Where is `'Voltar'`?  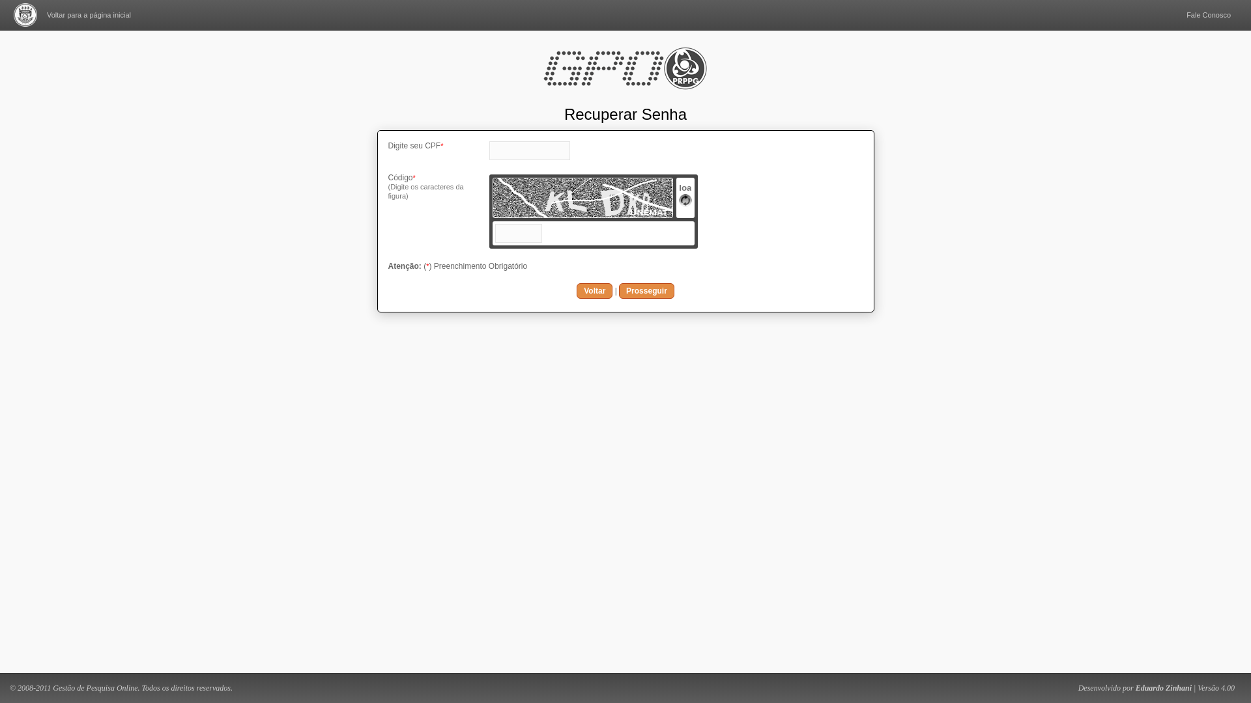 'Voltar' is located at coordinates (594, 290).